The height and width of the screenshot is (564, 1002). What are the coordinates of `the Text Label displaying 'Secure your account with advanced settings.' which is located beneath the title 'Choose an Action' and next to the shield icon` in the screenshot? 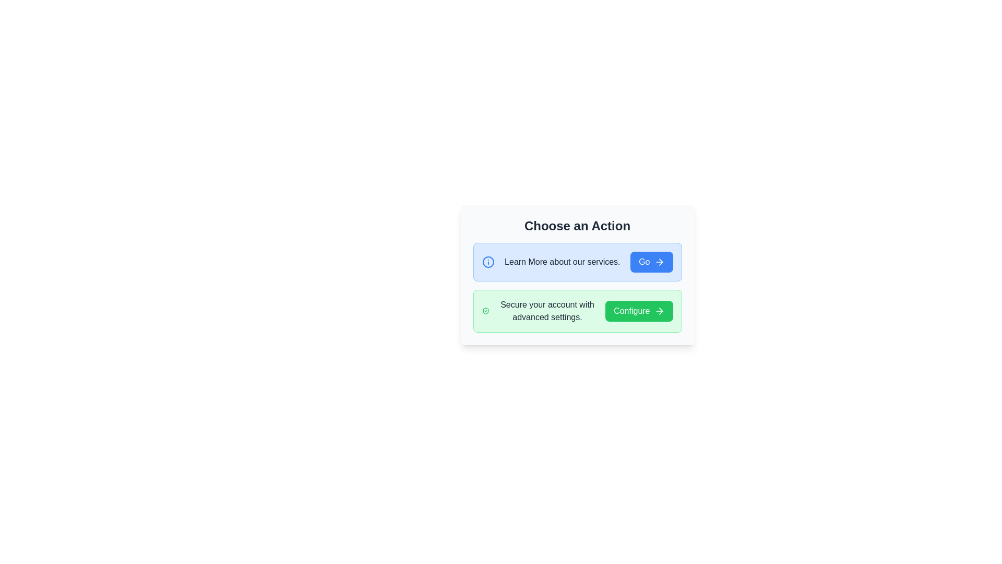 It's located at (547, 311).